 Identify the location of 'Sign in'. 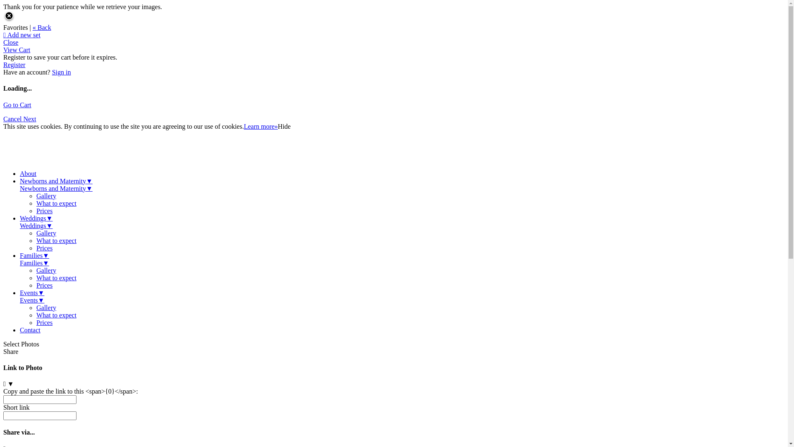
(51, 72).